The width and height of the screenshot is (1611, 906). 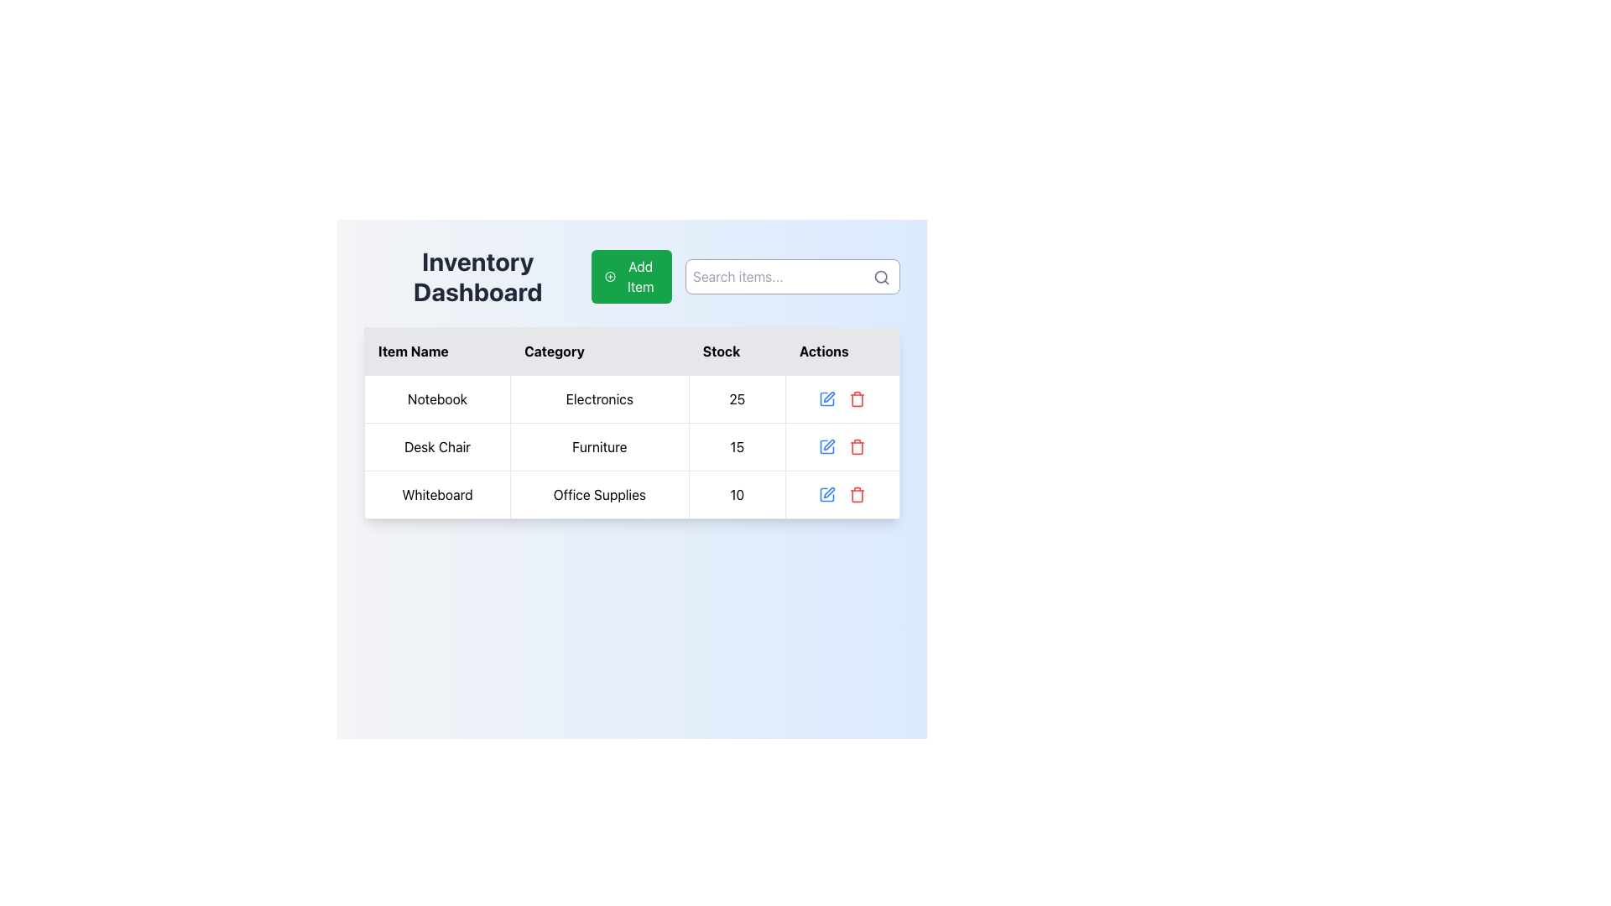 What do you see at coordinates (827, 398) in the screenshot?
I see `the blue SVG icon with rounded corners in the 'Actions' column of the third row corresponding to the 'Whiteboard' item` at bounding box center [827, 398].